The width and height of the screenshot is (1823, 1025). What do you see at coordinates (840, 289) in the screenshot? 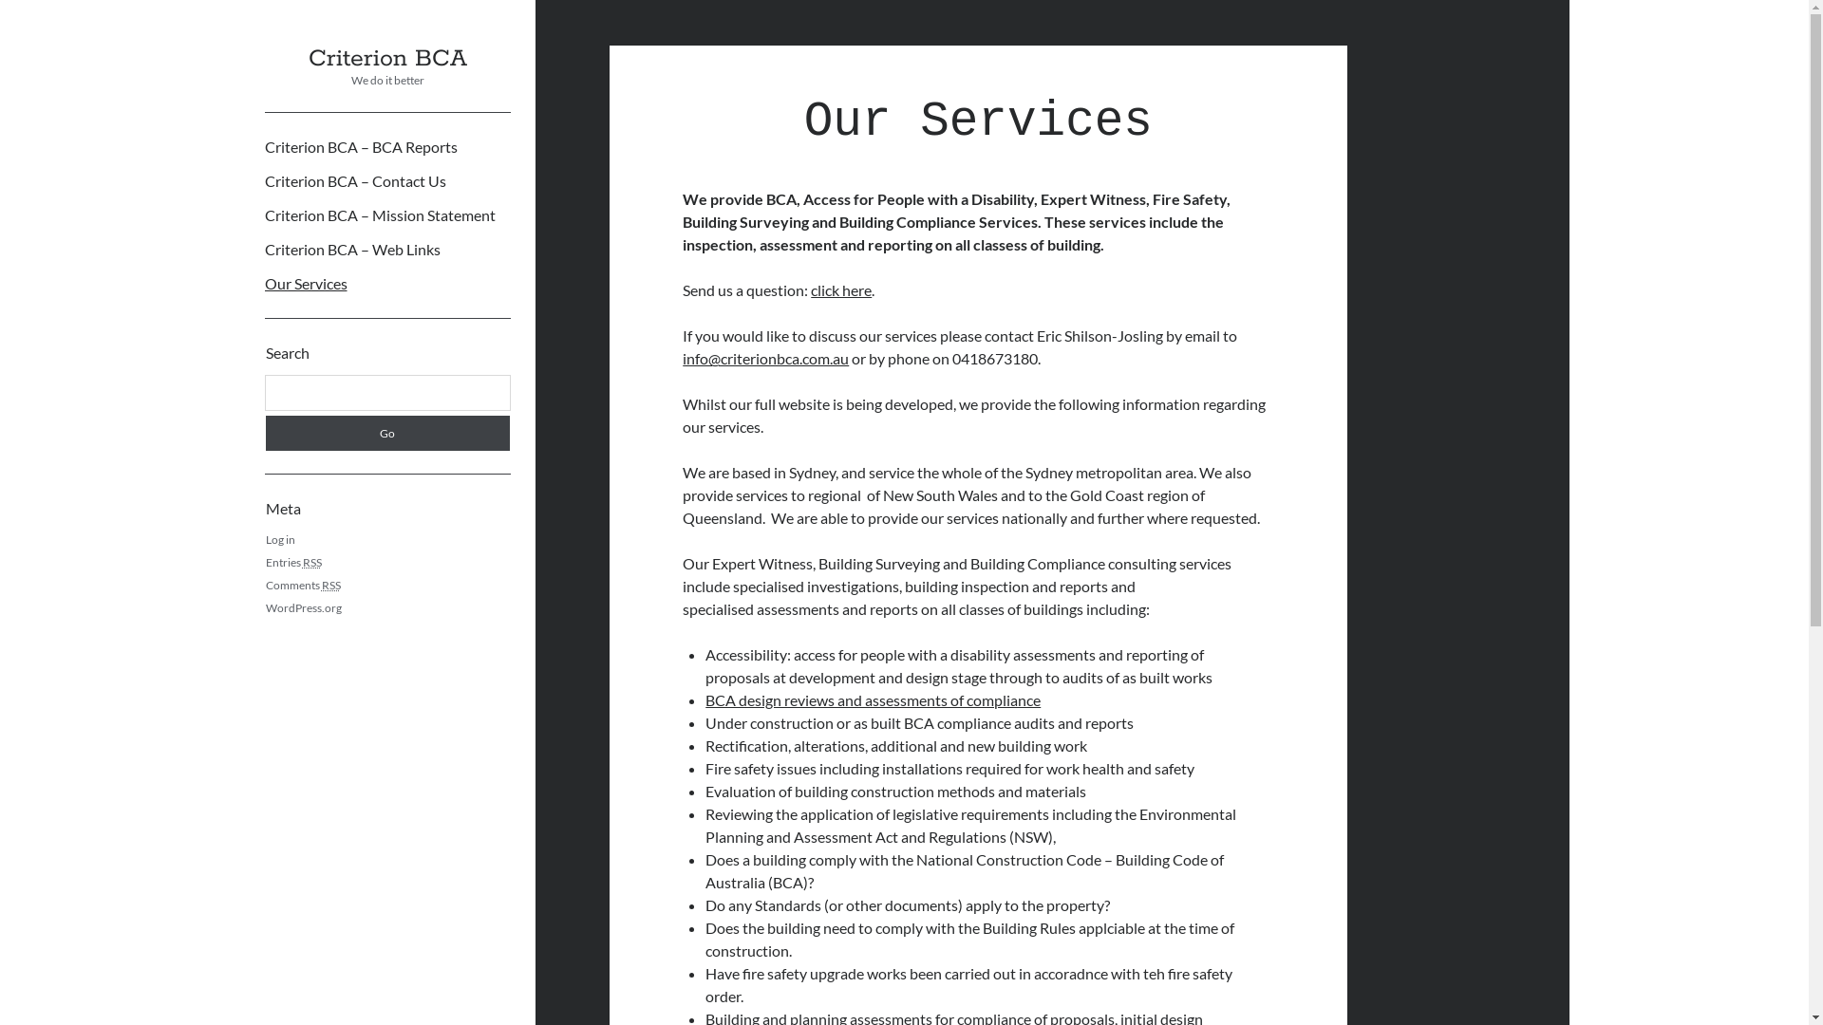
I see `'click here'` at bounding box center [840, 289].